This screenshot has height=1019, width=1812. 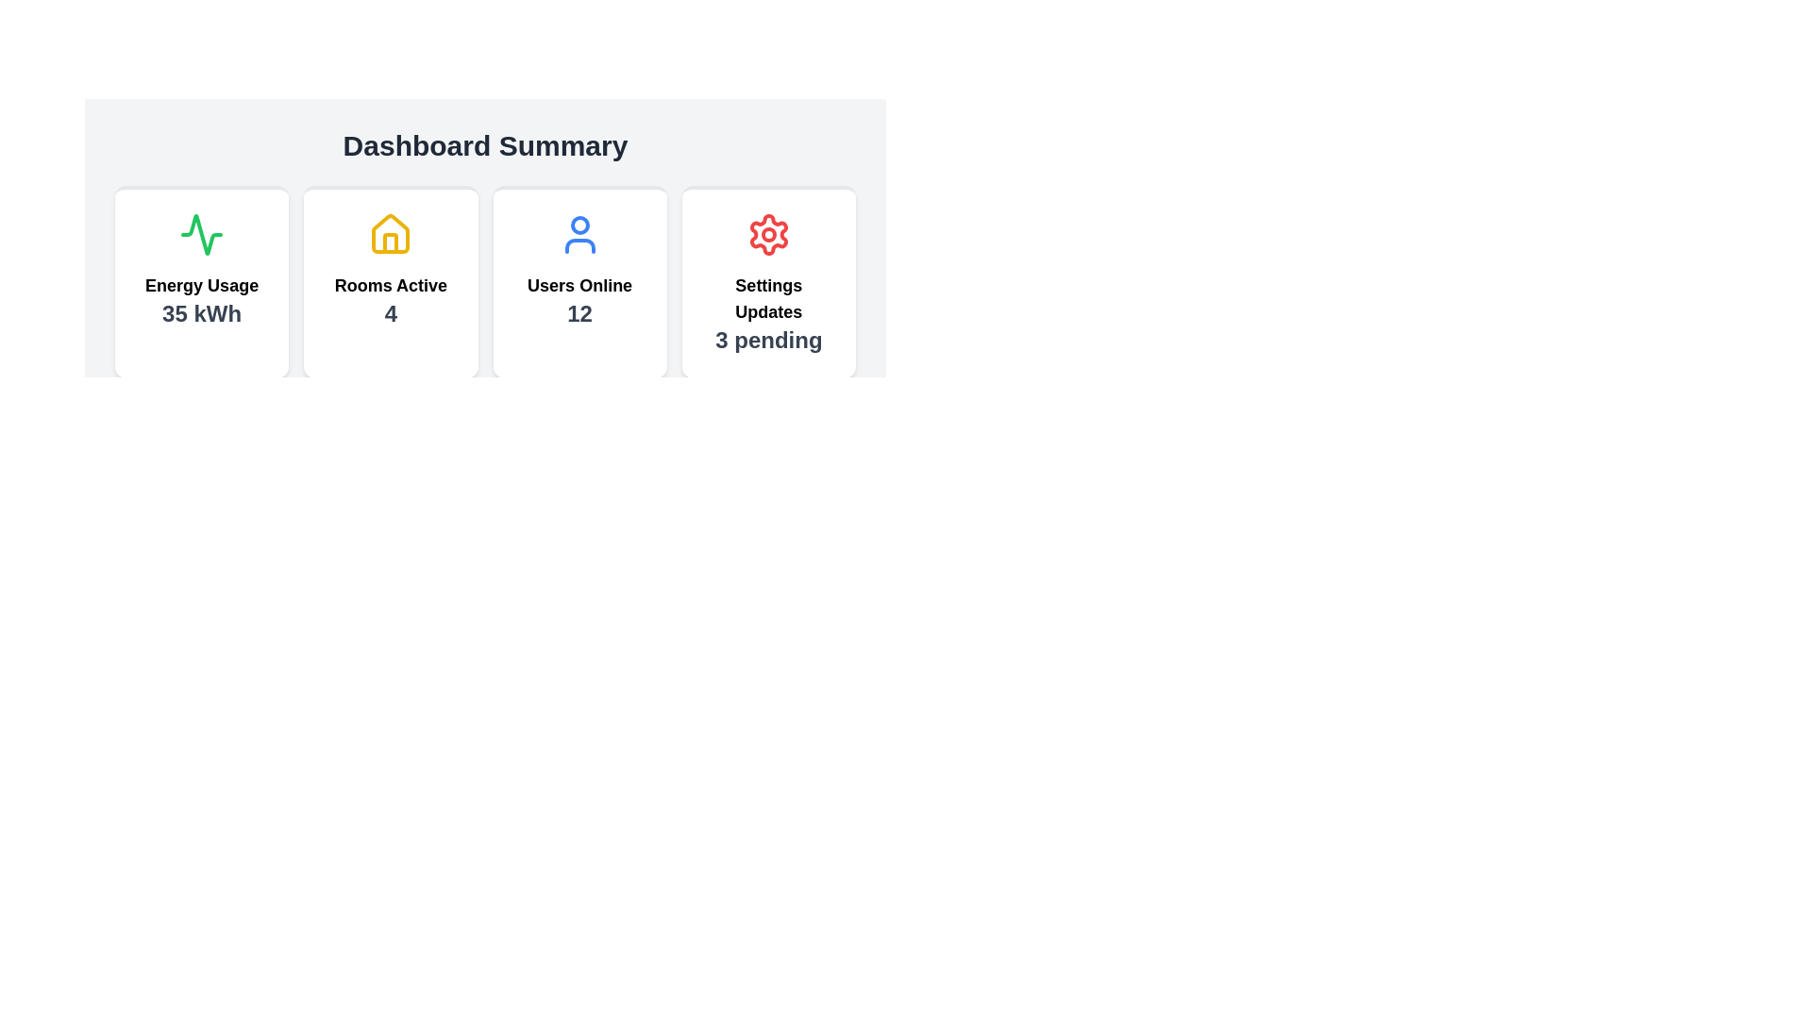 I want to click on the 'Users Online' text label, which is a bold font style element located in a summary card with a white background, positioned near the center of the UI, so click(x=579, y=286).